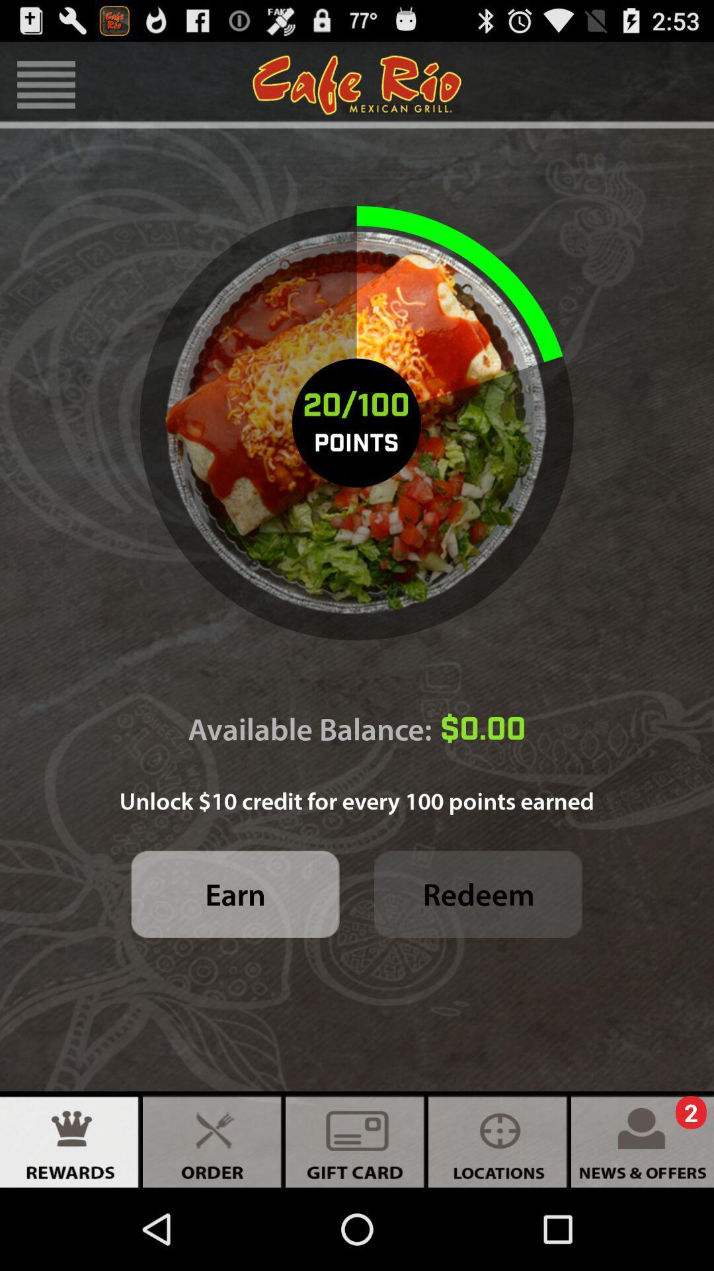 The width and height of the screenshot is (714, 1271). Describe the element at coordinates (235, 894) in the screenshot. I see `item to the left of redeem` at that location.